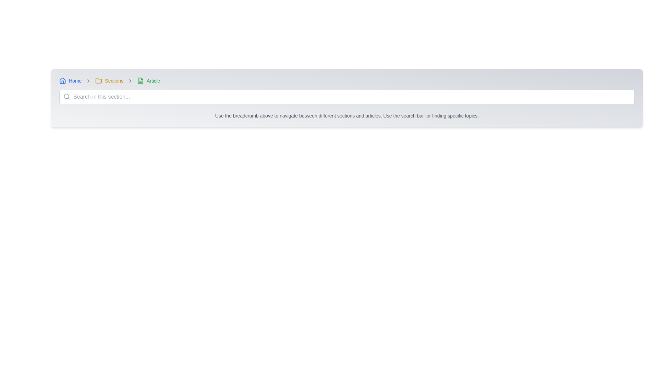 The image size is (658, 370). I want to click on the magnifying glass icon located on the left side of the search input field to initiate a search action, so click(67, 96).